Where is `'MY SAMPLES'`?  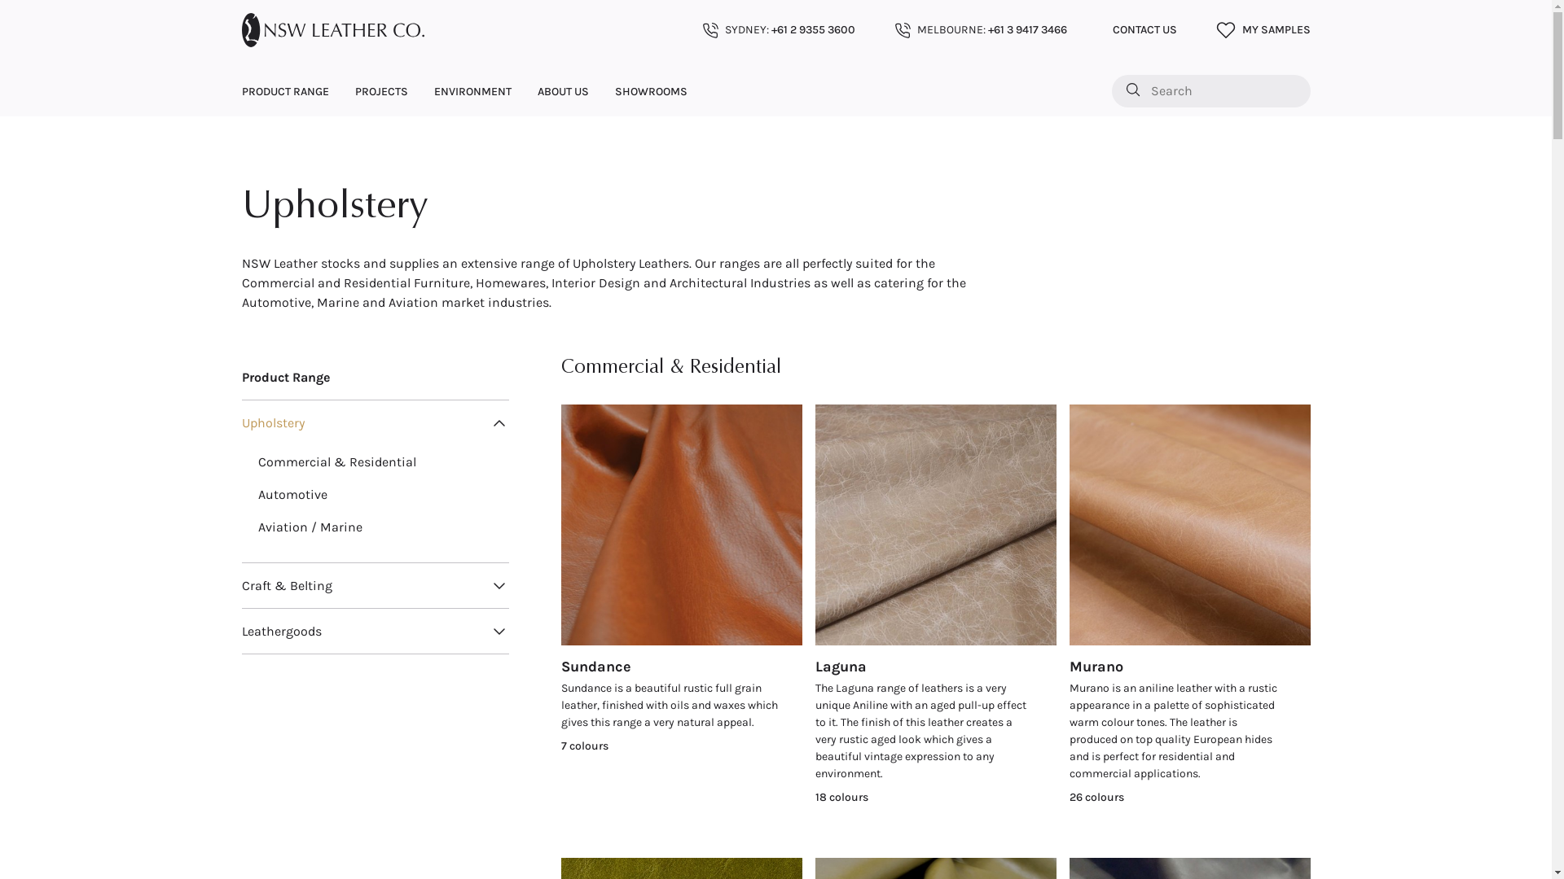
'MY SAMPLES' is located at coordinates (1262, 30).